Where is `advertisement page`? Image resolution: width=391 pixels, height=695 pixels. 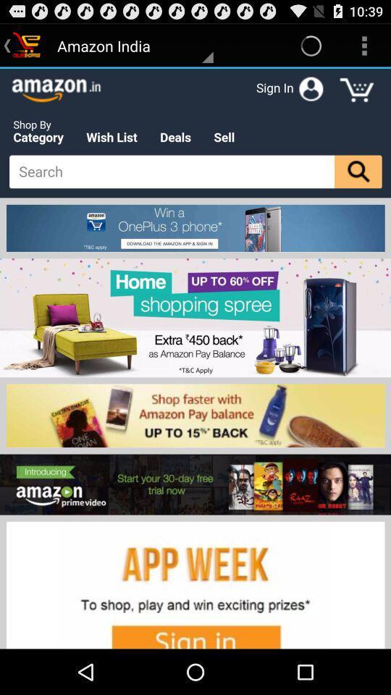 advertisement page is located at coordinates (195, 358).